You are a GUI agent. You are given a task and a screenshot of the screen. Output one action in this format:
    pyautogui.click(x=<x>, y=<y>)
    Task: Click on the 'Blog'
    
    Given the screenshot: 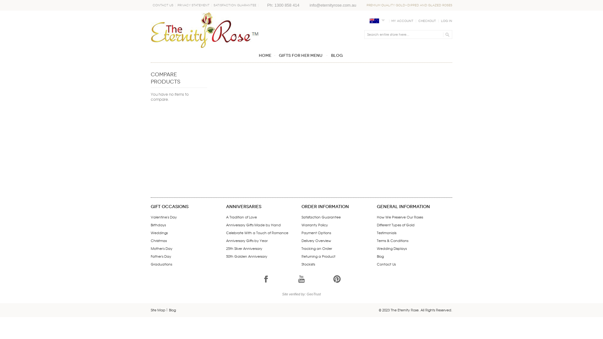 What is the action you would take?
    pyautogui.click(x=169, y=309)
    